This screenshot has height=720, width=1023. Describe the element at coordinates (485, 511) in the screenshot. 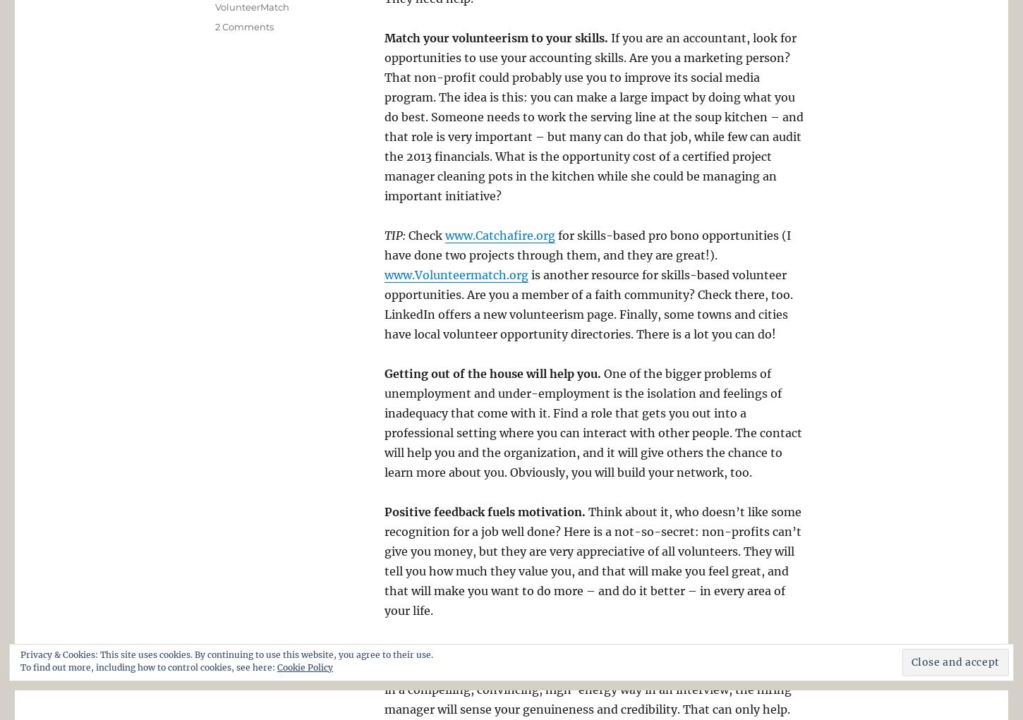

I see `'Positive feedback fuels motivation.'` at that location.